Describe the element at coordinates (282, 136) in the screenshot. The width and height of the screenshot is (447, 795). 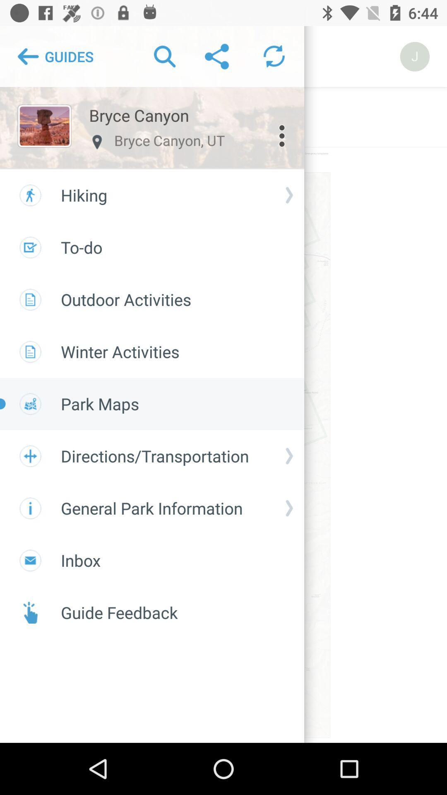
I see `the more icon` at that location.